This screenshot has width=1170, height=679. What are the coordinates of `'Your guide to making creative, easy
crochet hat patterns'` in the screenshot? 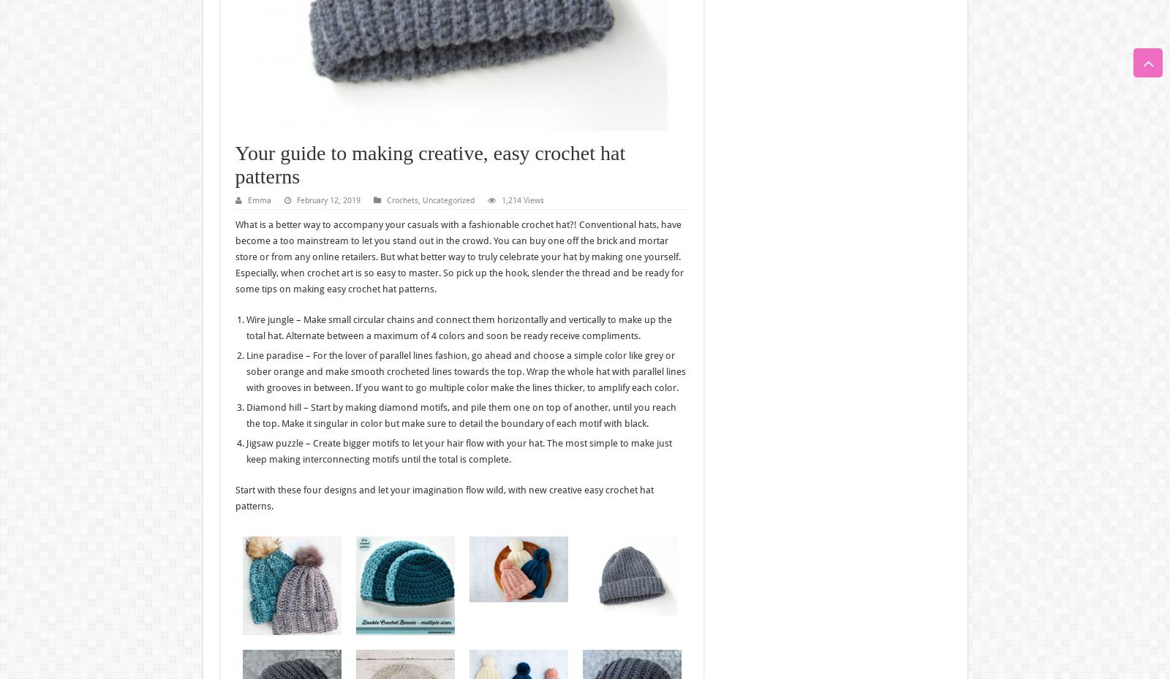 It's located at (429, 164).